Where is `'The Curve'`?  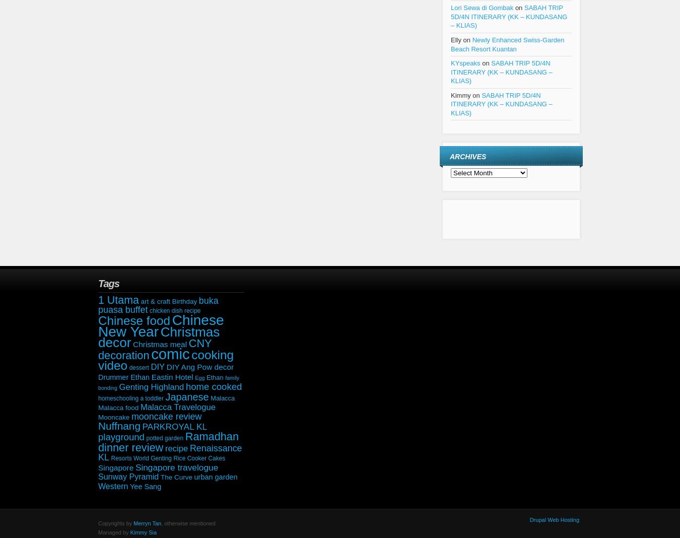
'The Curve' is located at coordinates (176, 477).